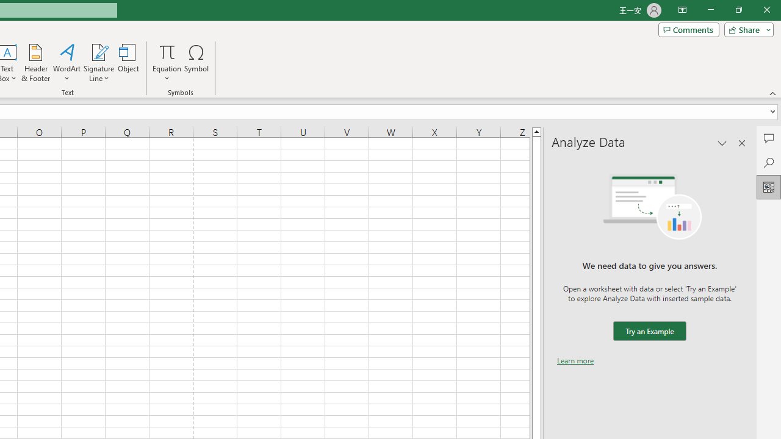  Describe the element at coordinates (35, 63) in the screenshot. I see `'Header & Footer...'` at that location.